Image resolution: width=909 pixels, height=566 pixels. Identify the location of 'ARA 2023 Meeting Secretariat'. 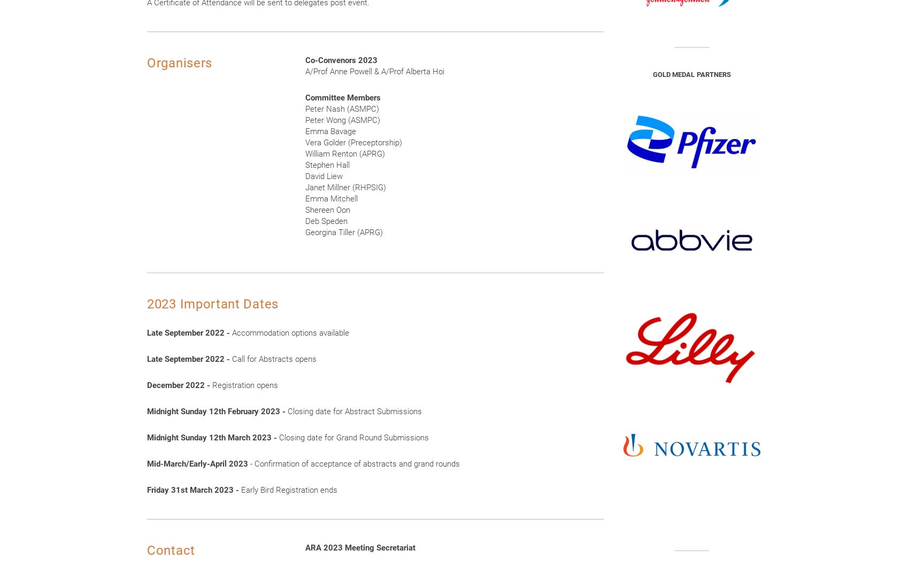
(304, 547).